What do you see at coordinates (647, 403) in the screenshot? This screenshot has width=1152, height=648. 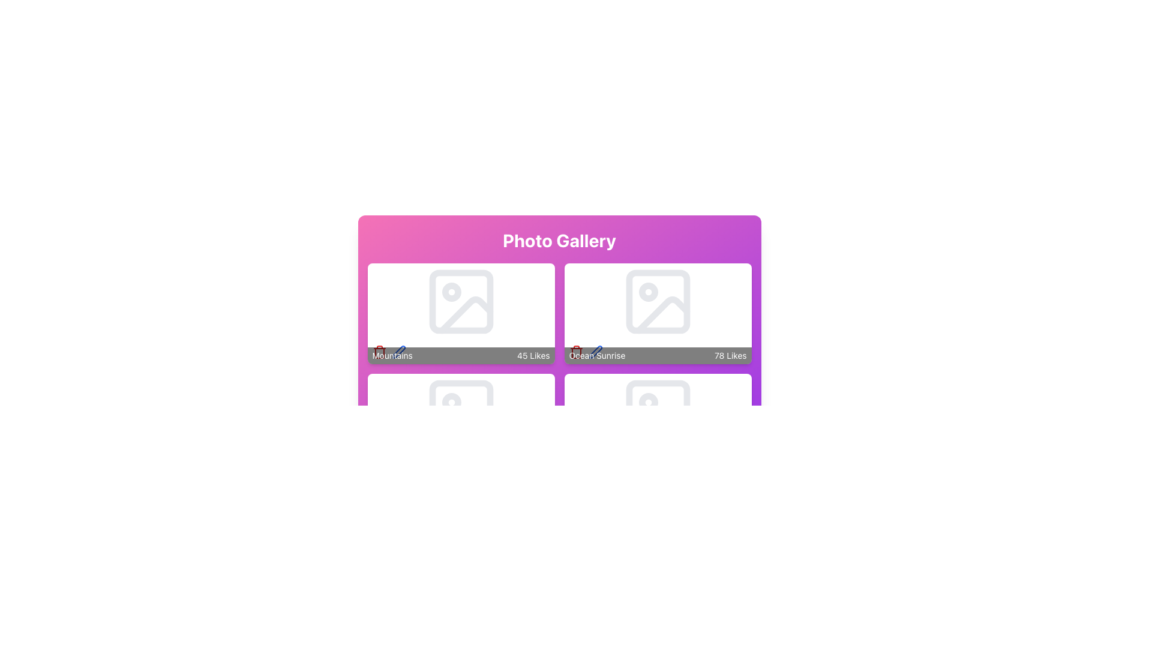 I see `the small circular SVG element located near the bottom-right corner of the 'Photo Gallery' grid` at bounding box center [647, 403].